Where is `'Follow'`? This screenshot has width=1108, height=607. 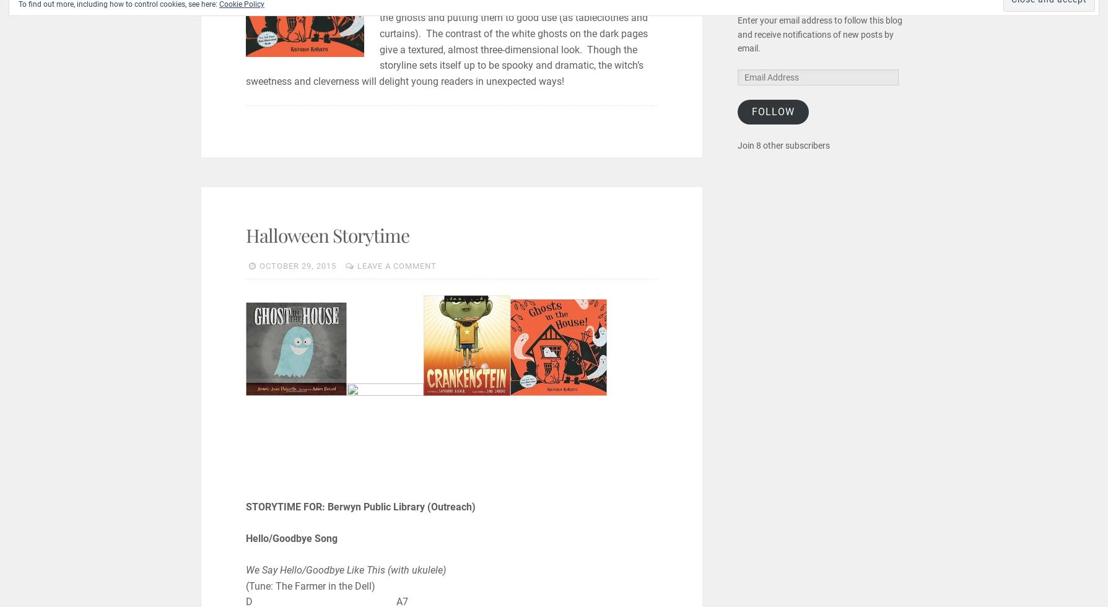
'Follow' is located at coordinates (772, 111).